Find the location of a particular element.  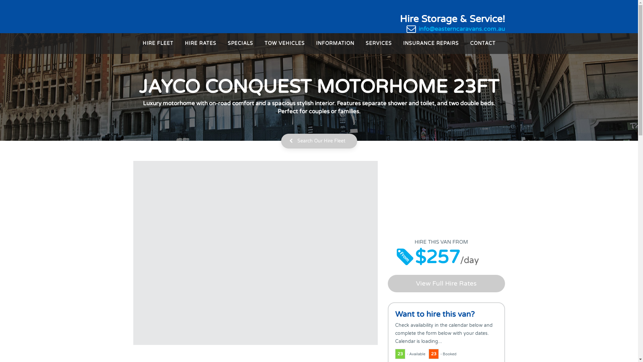

'View Full Hire Rates' is located at coordinates (446, 283).